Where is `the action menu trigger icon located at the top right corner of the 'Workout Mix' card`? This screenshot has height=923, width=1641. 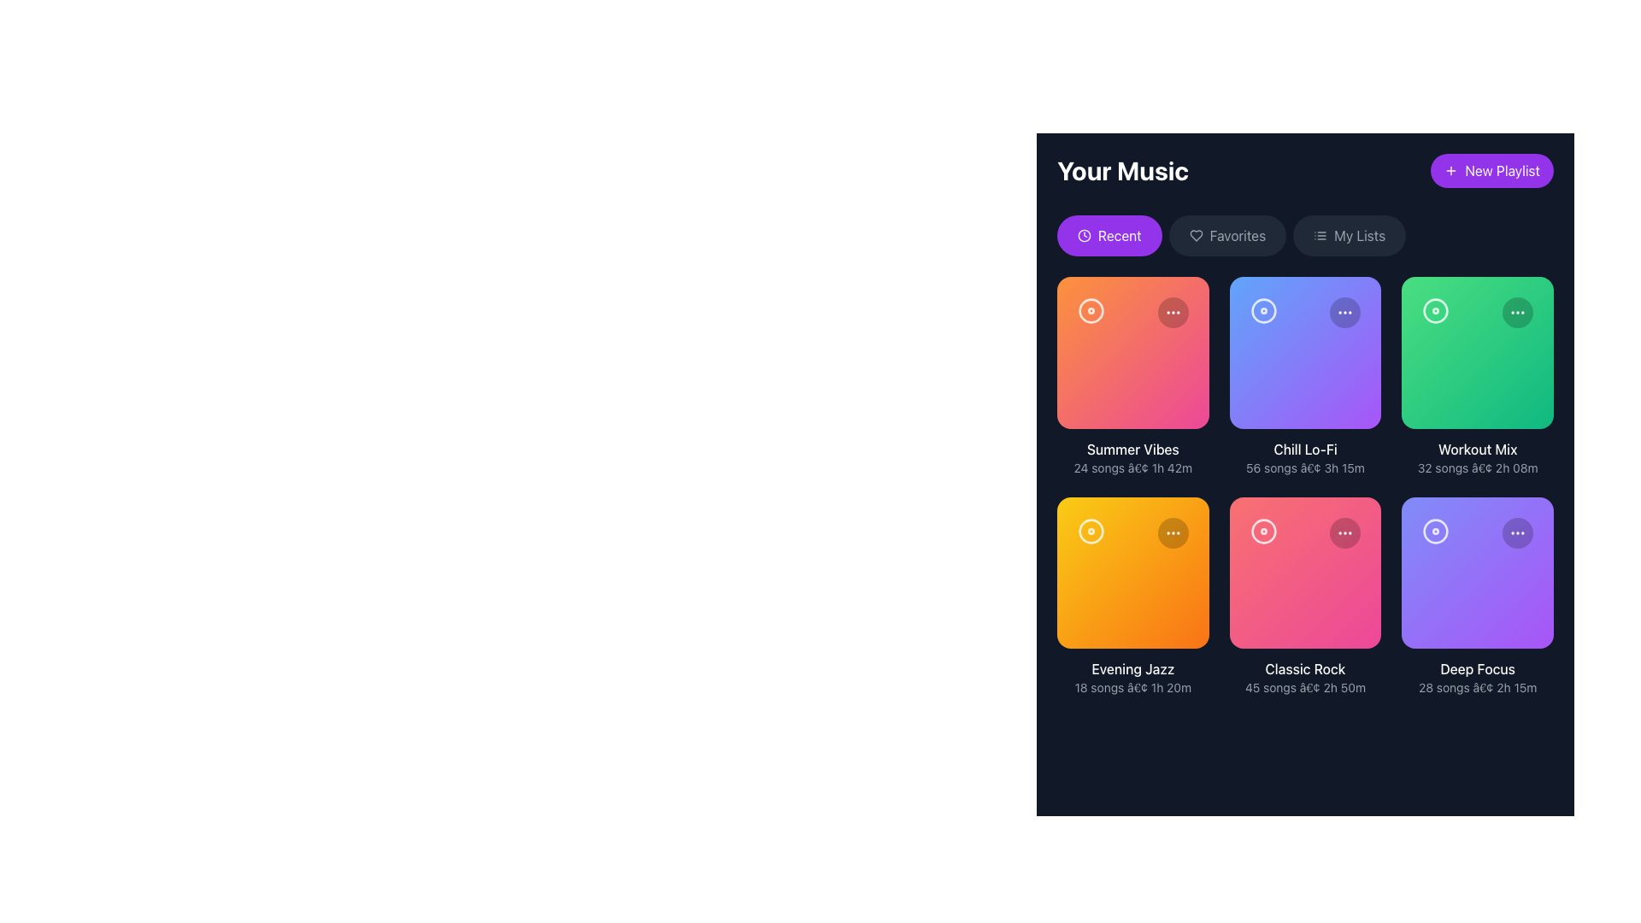
the action menu trigger icon located at the top right corner of the 'Workout Mix' card is located at coordinates (1518, 313).